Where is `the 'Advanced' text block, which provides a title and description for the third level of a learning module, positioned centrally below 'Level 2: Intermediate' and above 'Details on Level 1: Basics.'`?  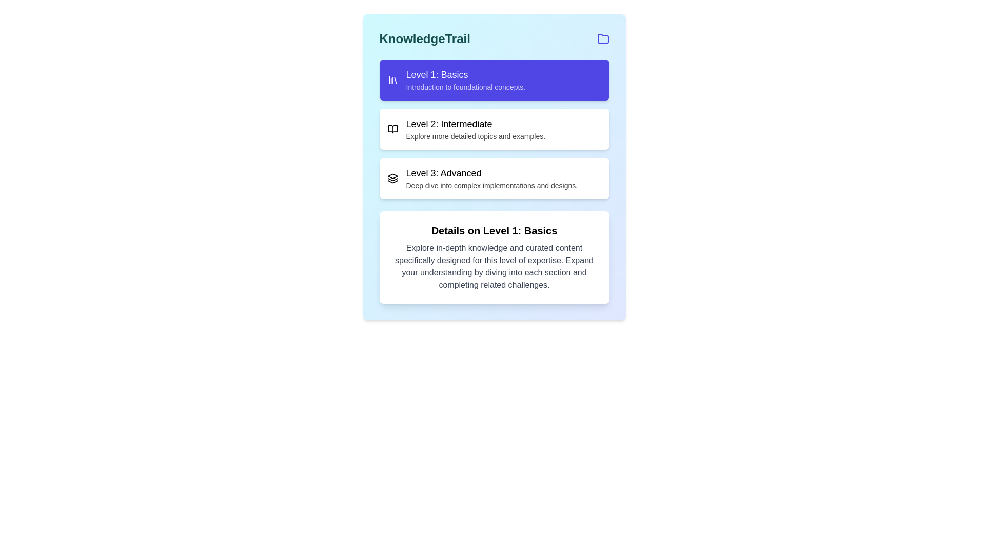 the 'Advanced' text block, which provides a title and description for the third level of a learning module, positioned centrally below 'Level 2: Intermediate' and above 'Details on Level 1: Basics.' is located at coordinates (491, 177).